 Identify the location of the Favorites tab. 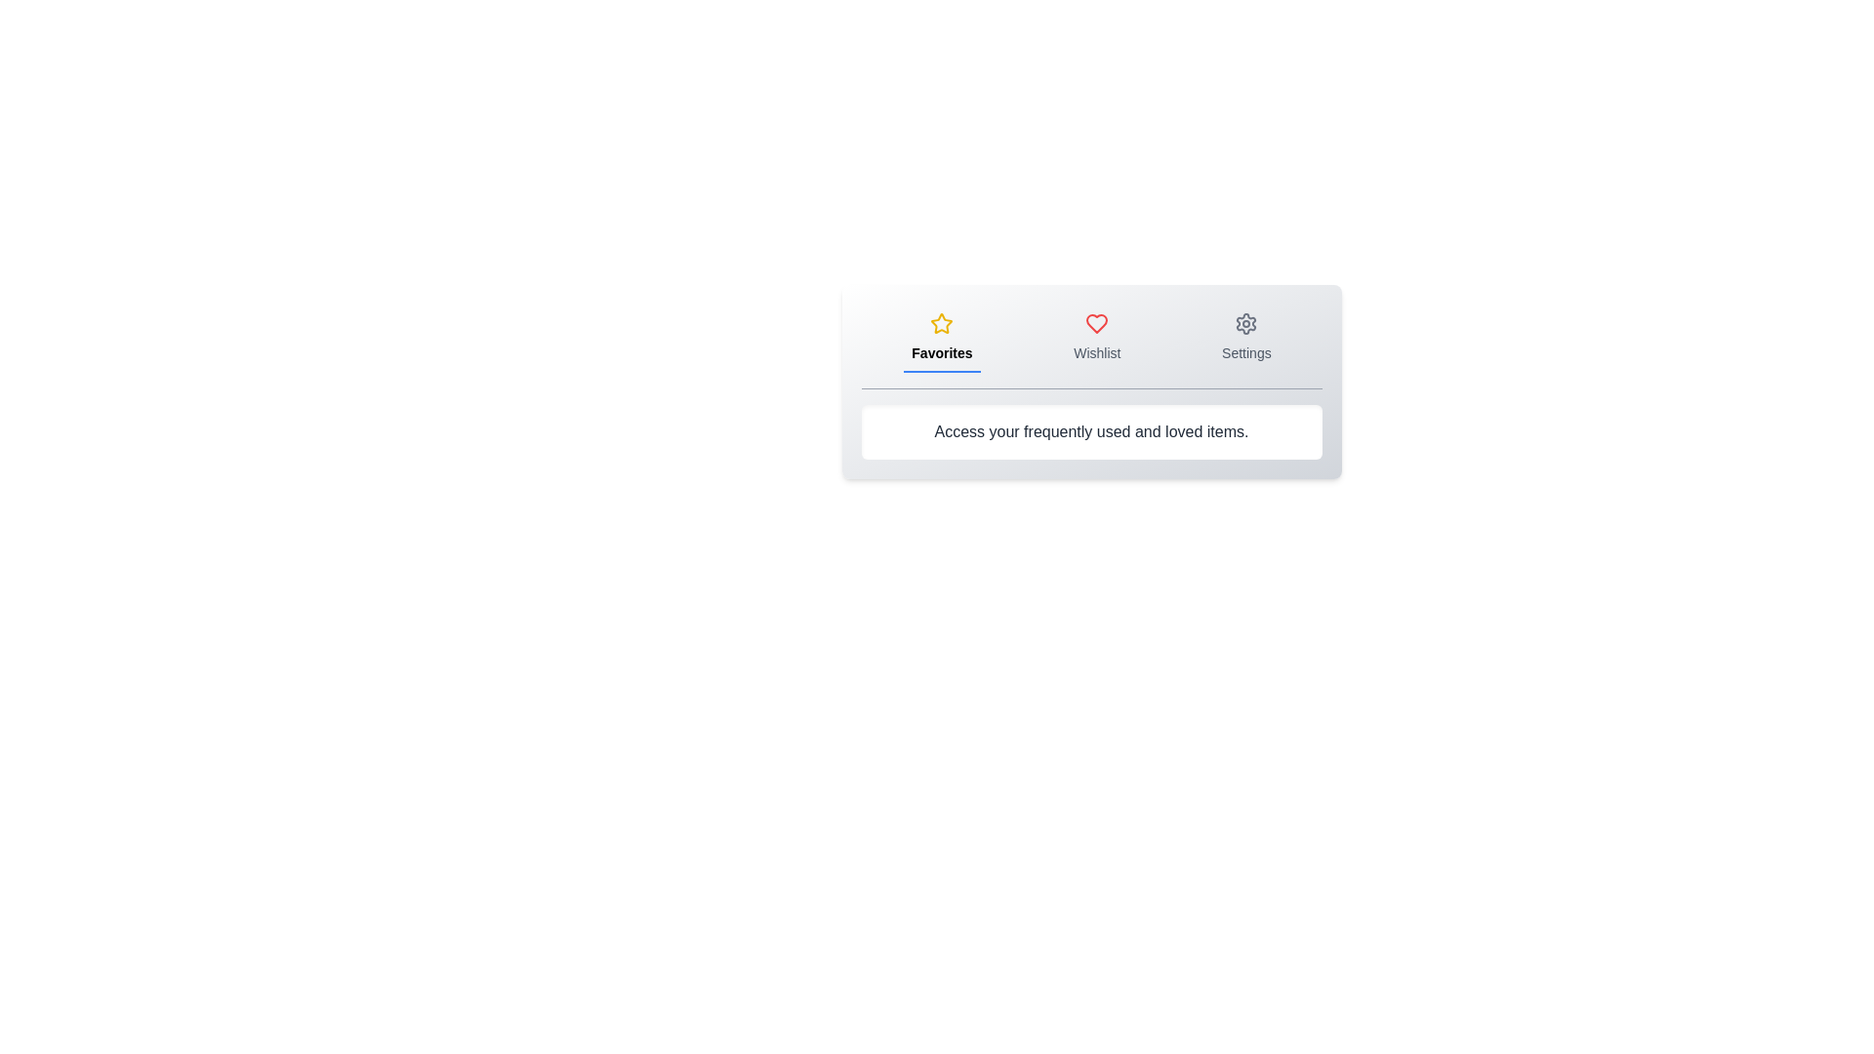
(942, 338).